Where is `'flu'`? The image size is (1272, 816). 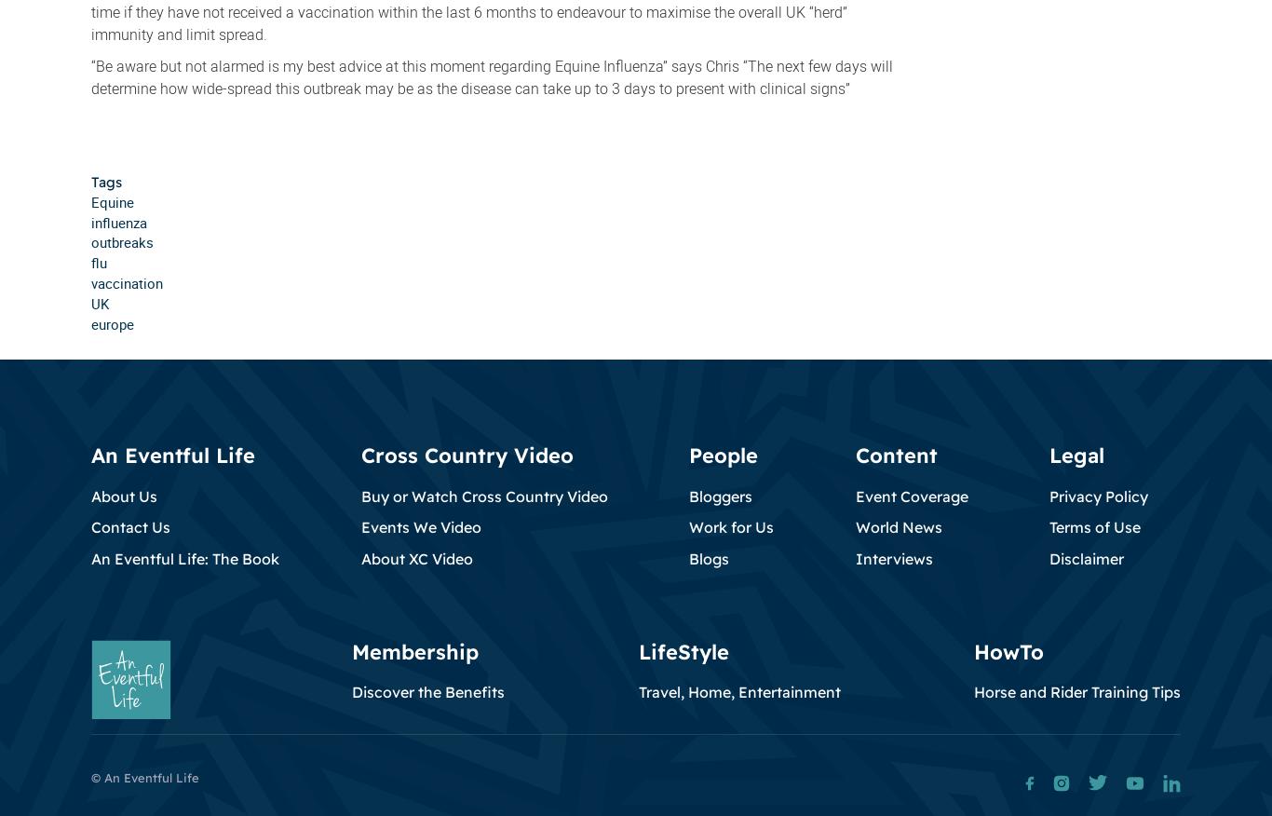 'flu' is located at coordinates (99, 262).